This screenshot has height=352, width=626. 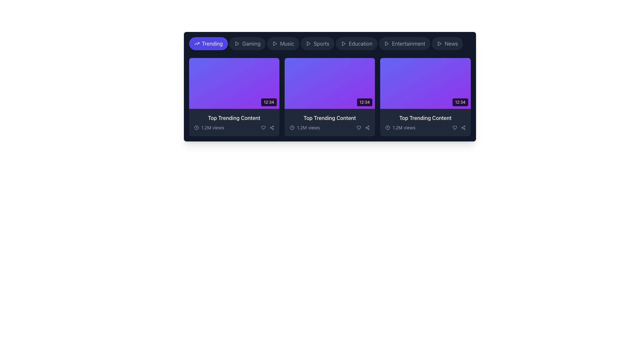 What do you see at coordinates (237, 44) in the screenshot?
I see `the play button icon, which is a triangle pointing to the right, located within a rectangular button with rounded corners on the left side of the 'Gaming' button in the navigation bar` at bounding box center [237, 44].